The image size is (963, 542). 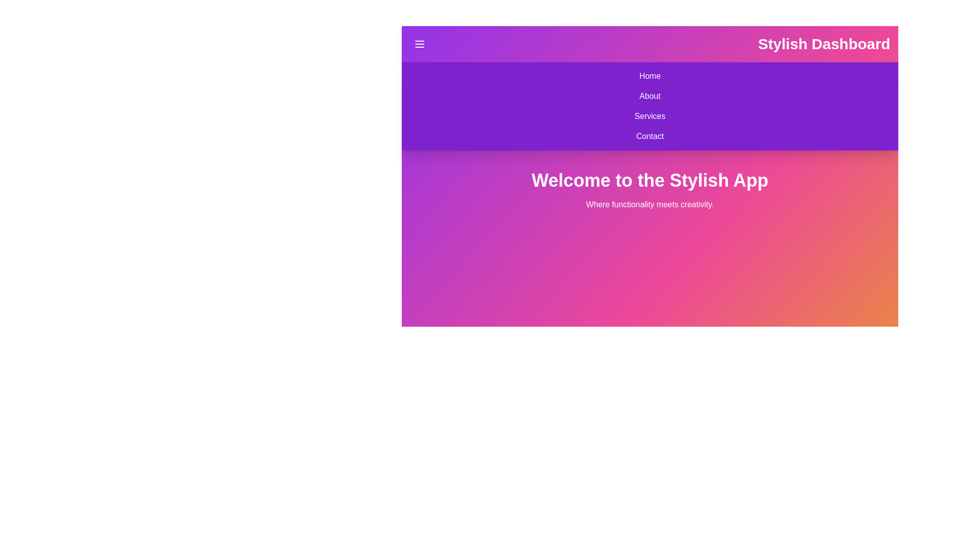 What do you see at coordinates (650, 75) in the screenshot?
I see `the navigation item Home to observe visual feedback` at bounding box center [650, 75].